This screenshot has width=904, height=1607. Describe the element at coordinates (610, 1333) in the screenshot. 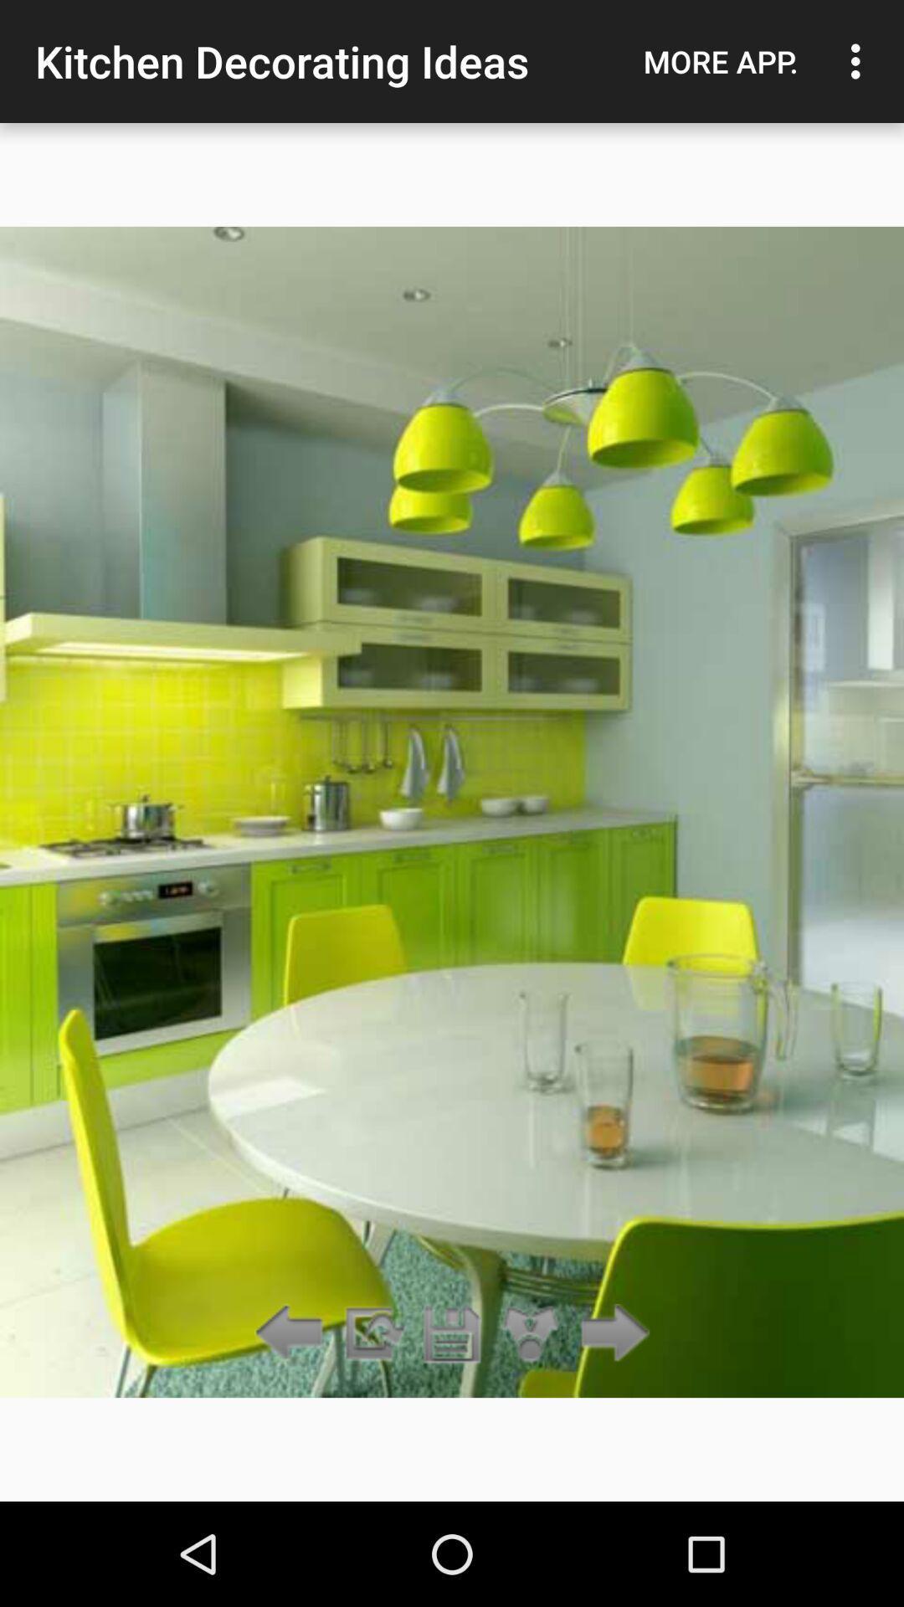

I see `the item below the more app.` at that location.